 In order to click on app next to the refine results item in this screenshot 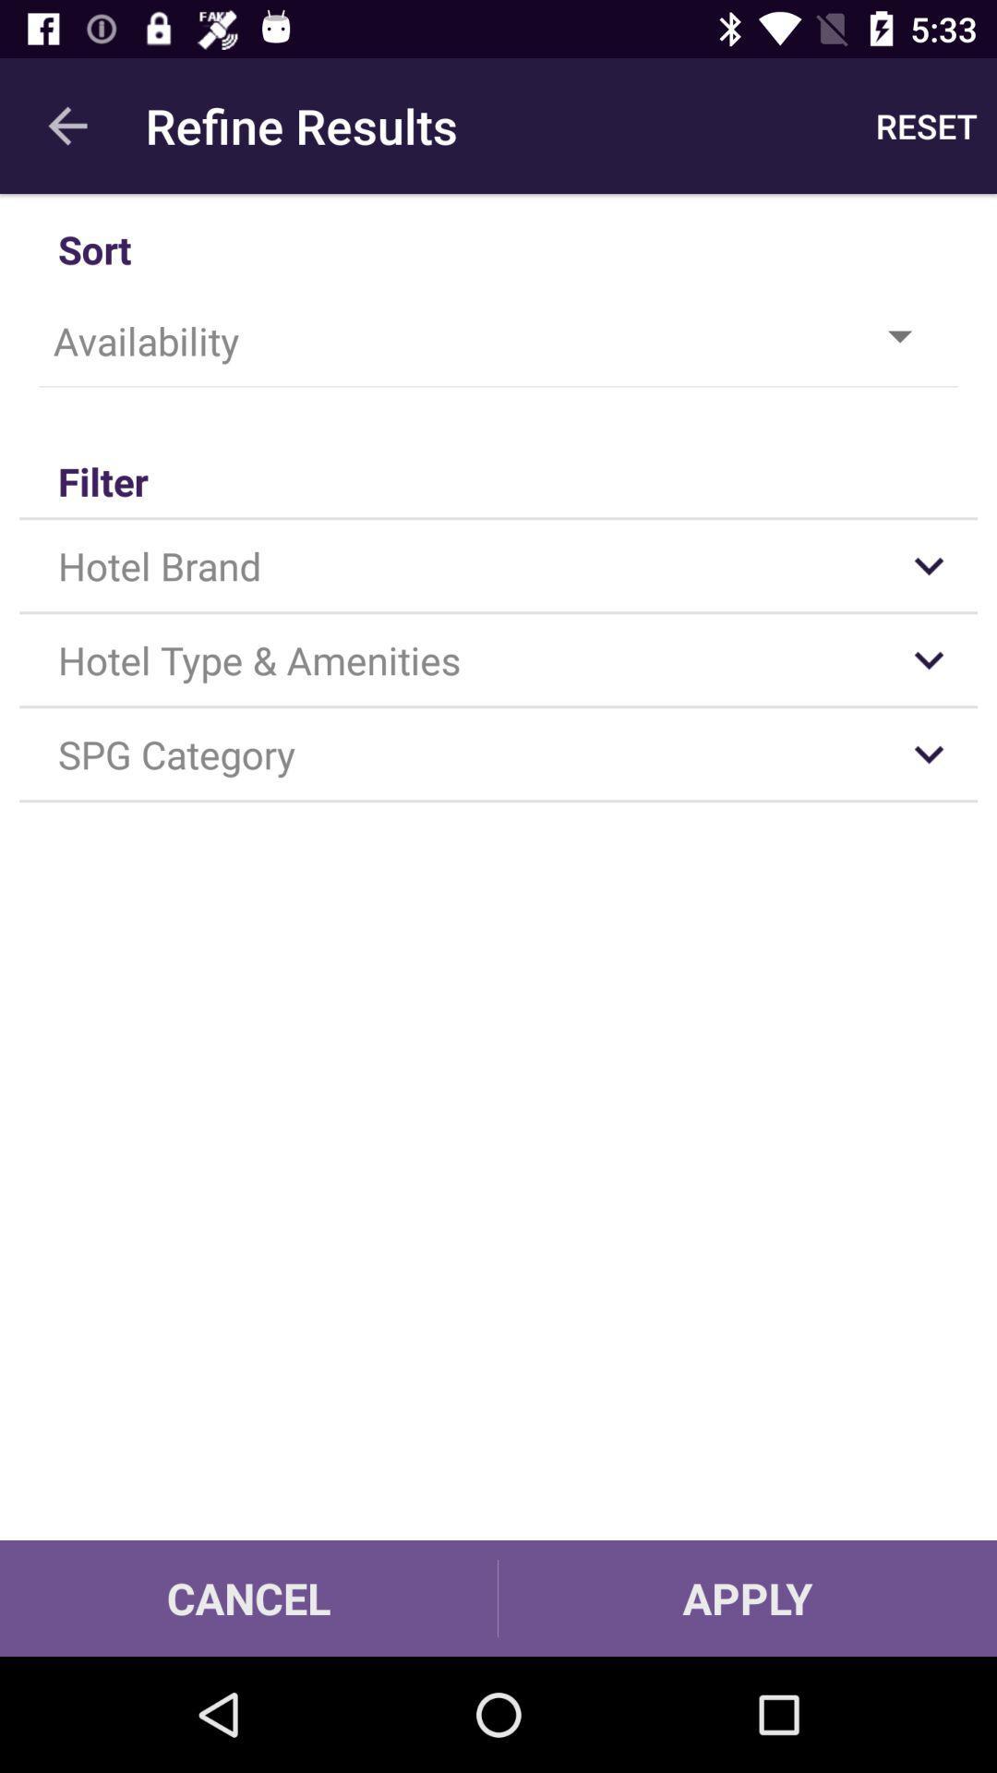, I will do `click(926, 125)`.